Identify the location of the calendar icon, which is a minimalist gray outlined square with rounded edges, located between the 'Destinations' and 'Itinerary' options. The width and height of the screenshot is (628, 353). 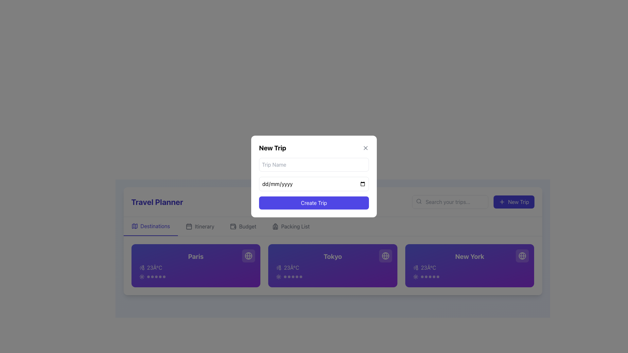
(188, 226).